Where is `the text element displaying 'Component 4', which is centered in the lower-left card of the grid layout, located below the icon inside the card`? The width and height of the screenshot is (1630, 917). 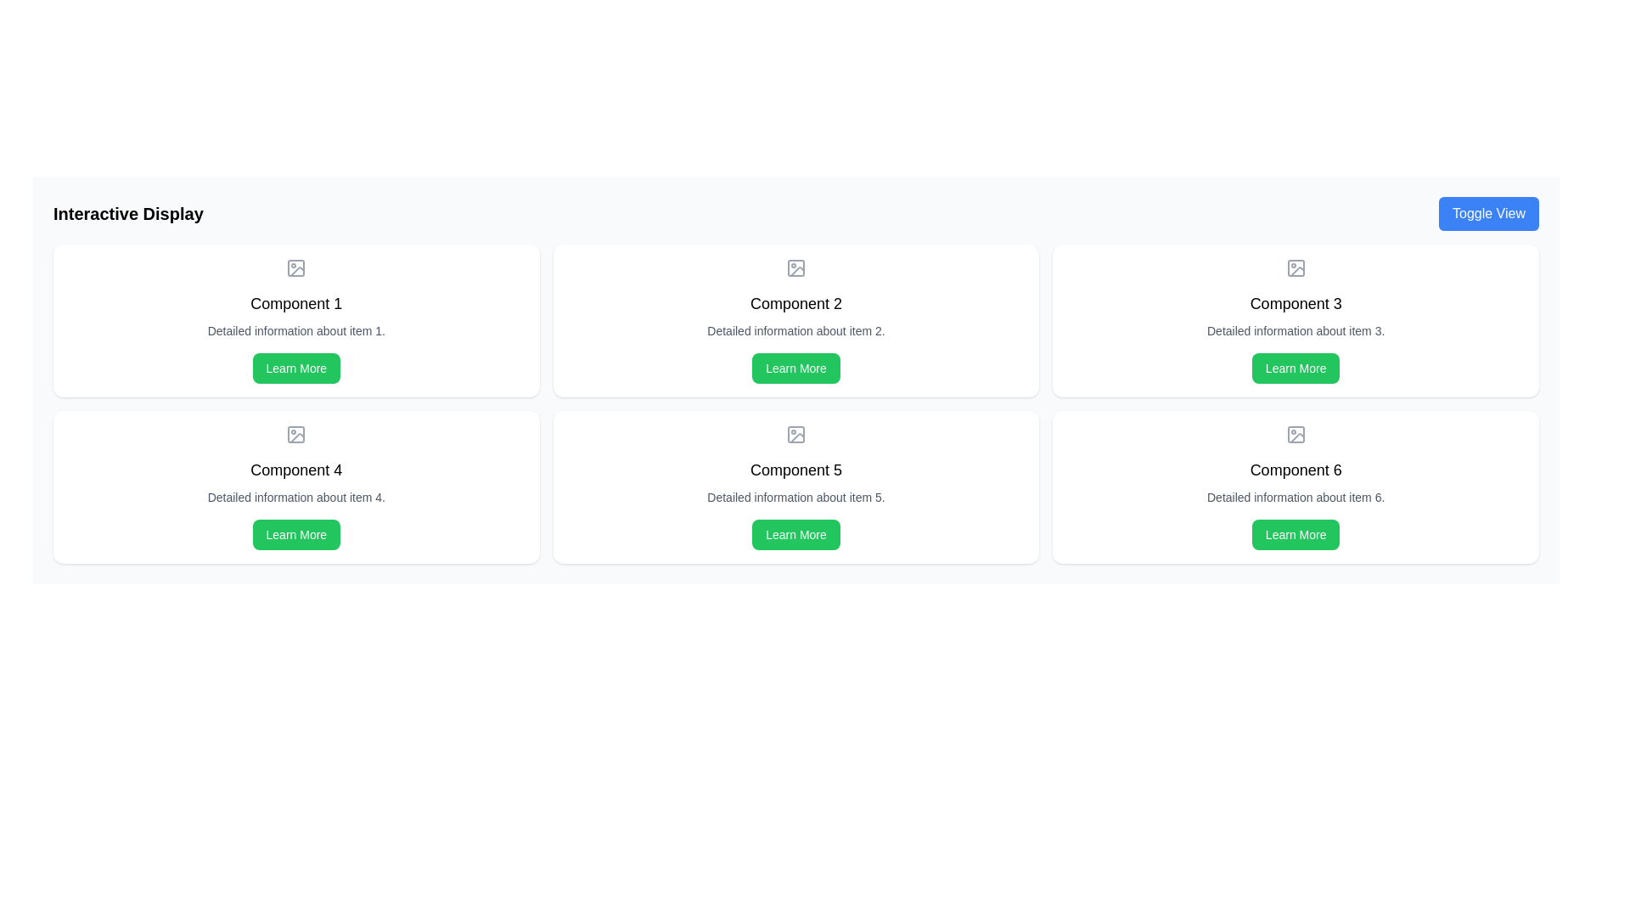
the text element displaying 'Component 4', which is centered in the lower-left card of the grid layout, located below the icon inside the card is located at coordinates (296, 470).